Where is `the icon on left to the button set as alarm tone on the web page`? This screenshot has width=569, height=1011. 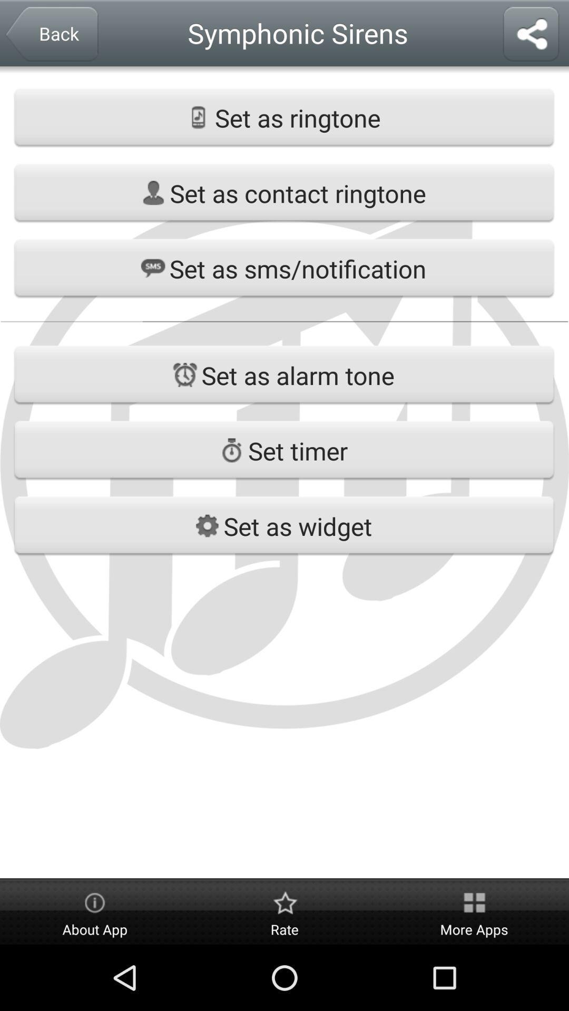 the icon on left to the button set as alarm tone on the web page is located at coordinates (184, 374).